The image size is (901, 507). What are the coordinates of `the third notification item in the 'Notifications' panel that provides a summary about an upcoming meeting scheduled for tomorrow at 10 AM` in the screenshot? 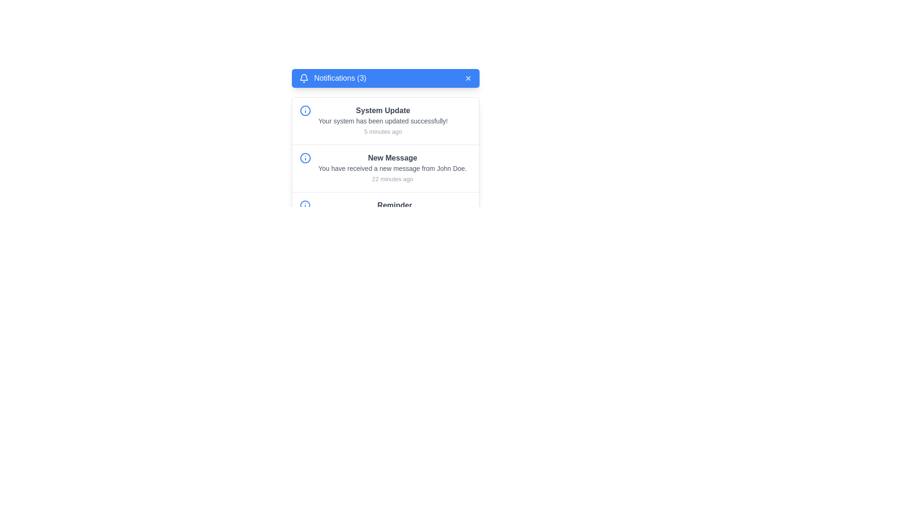 It's located at (385, 221).